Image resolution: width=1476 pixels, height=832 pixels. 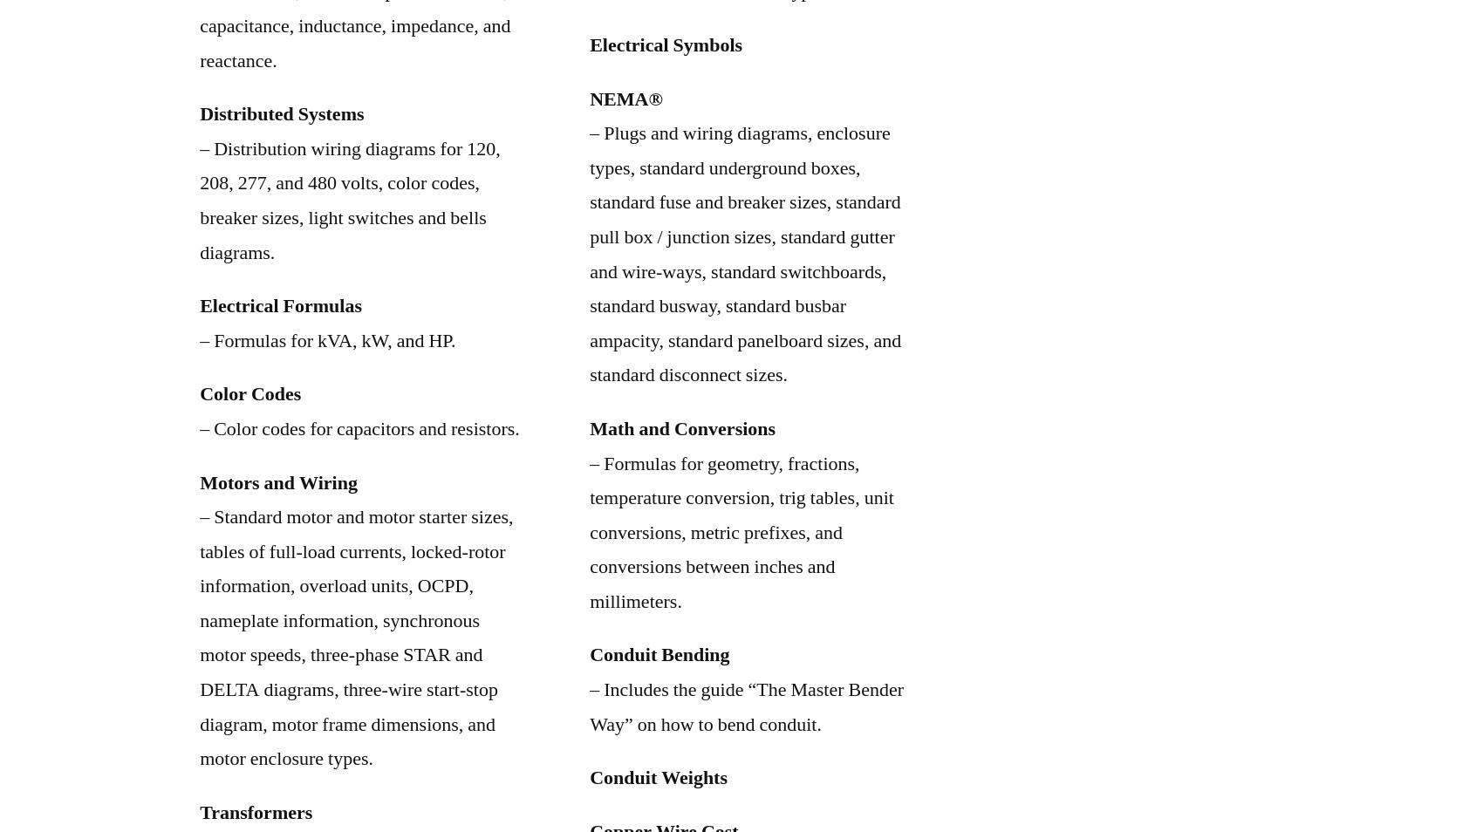 I want to click on 'NEMA®', so click(x=625, y=97).